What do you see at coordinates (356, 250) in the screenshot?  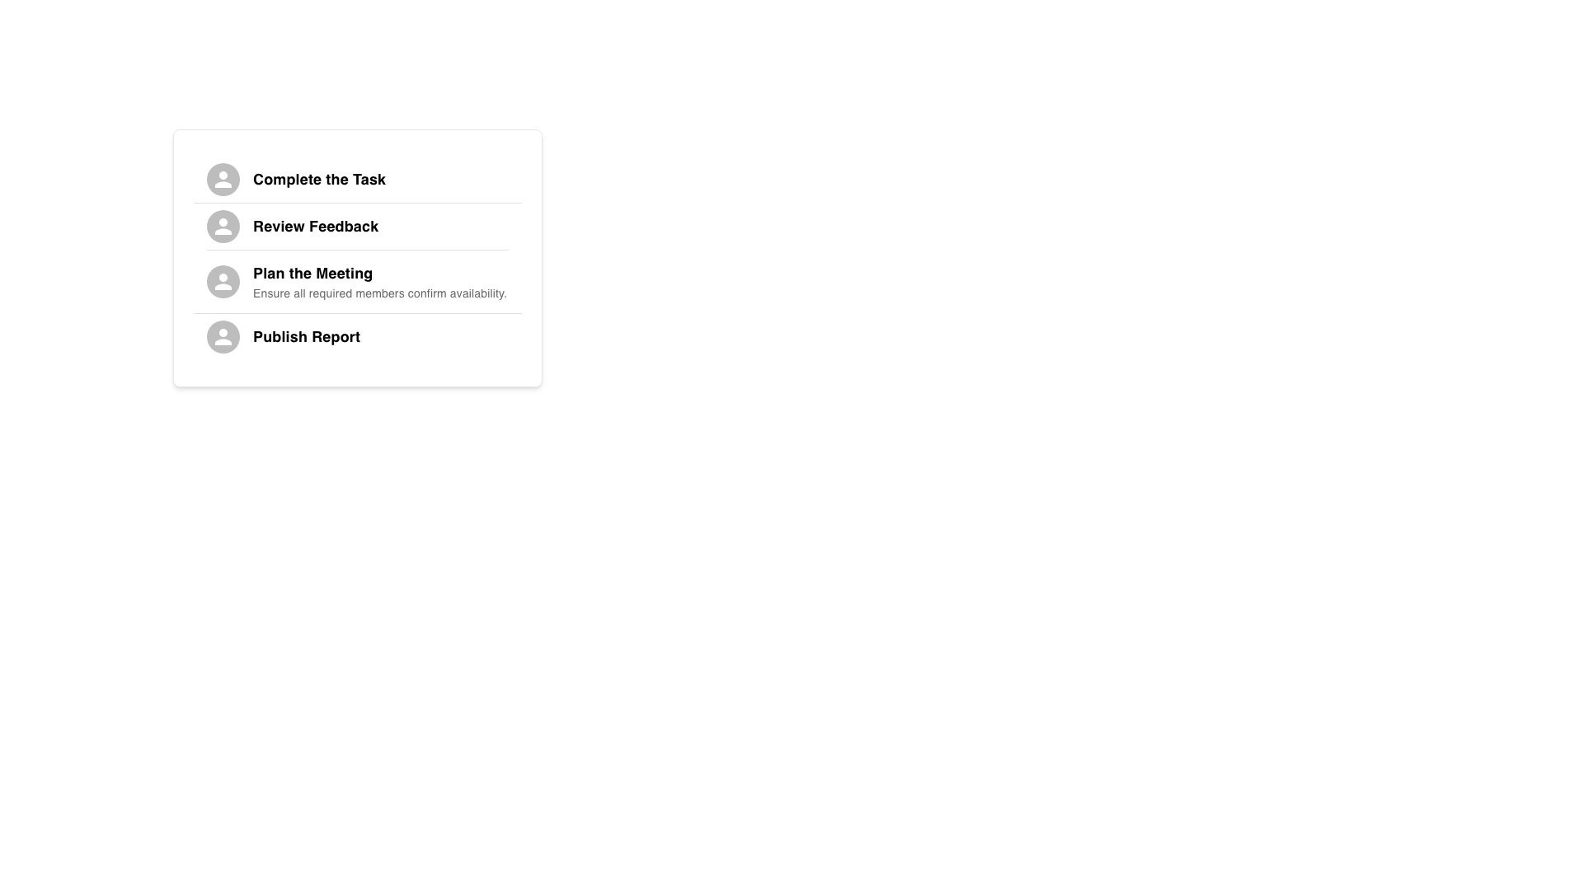 I see `the horizontal divider separating the 'Review Feedback' section from the 'Plan the Meeting' section in the list` at bounding box center [356, 250].